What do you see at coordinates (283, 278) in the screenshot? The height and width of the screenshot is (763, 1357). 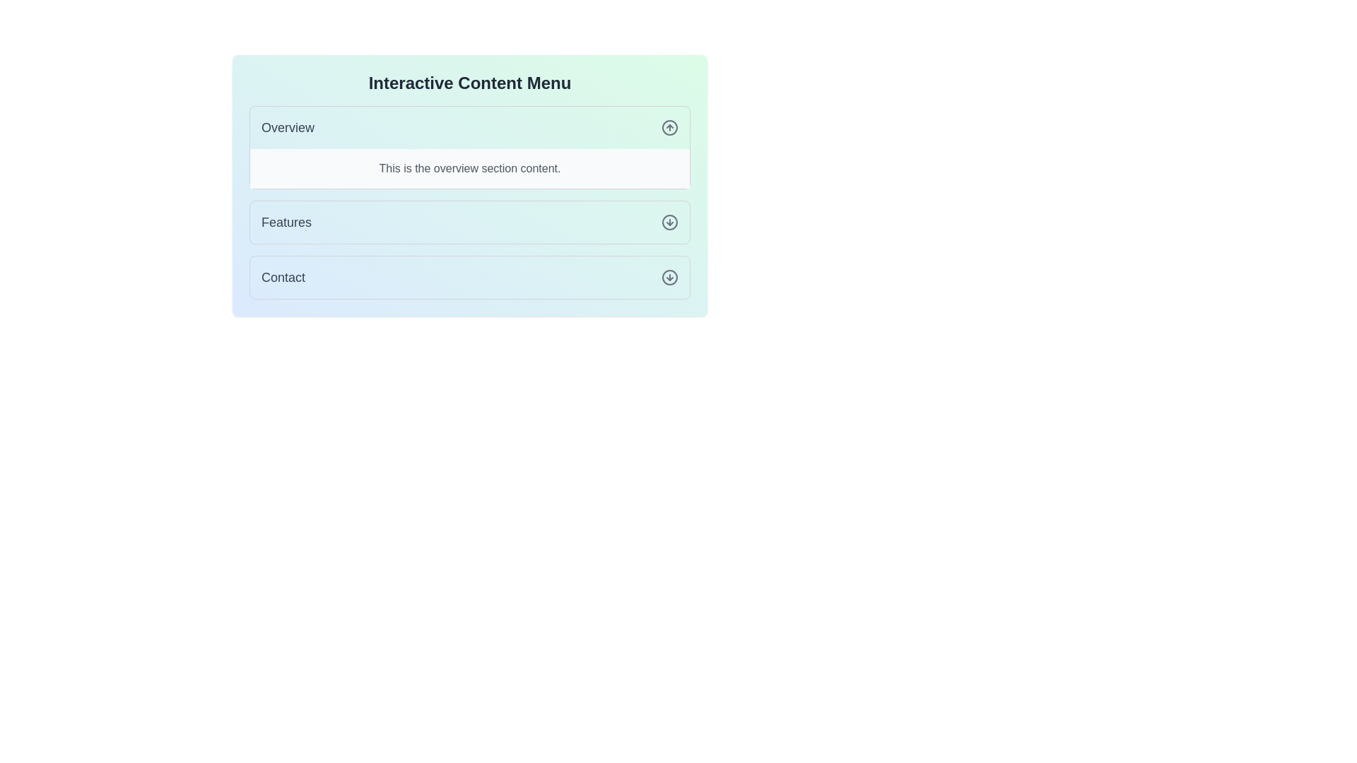 I see `the 'Contact' text label within the light blue rectangular background` at bounding box center [283, 278].